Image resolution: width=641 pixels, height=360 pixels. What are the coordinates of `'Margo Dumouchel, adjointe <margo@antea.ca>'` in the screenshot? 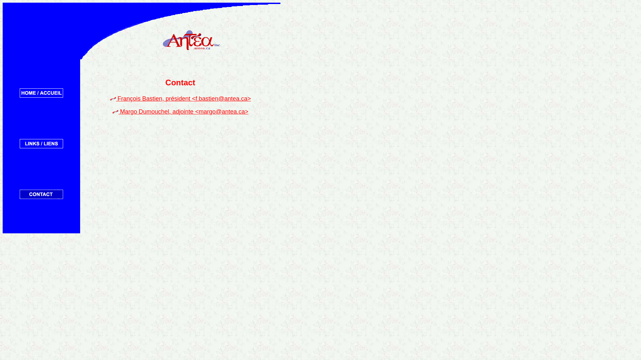 It's located at (183, 111).